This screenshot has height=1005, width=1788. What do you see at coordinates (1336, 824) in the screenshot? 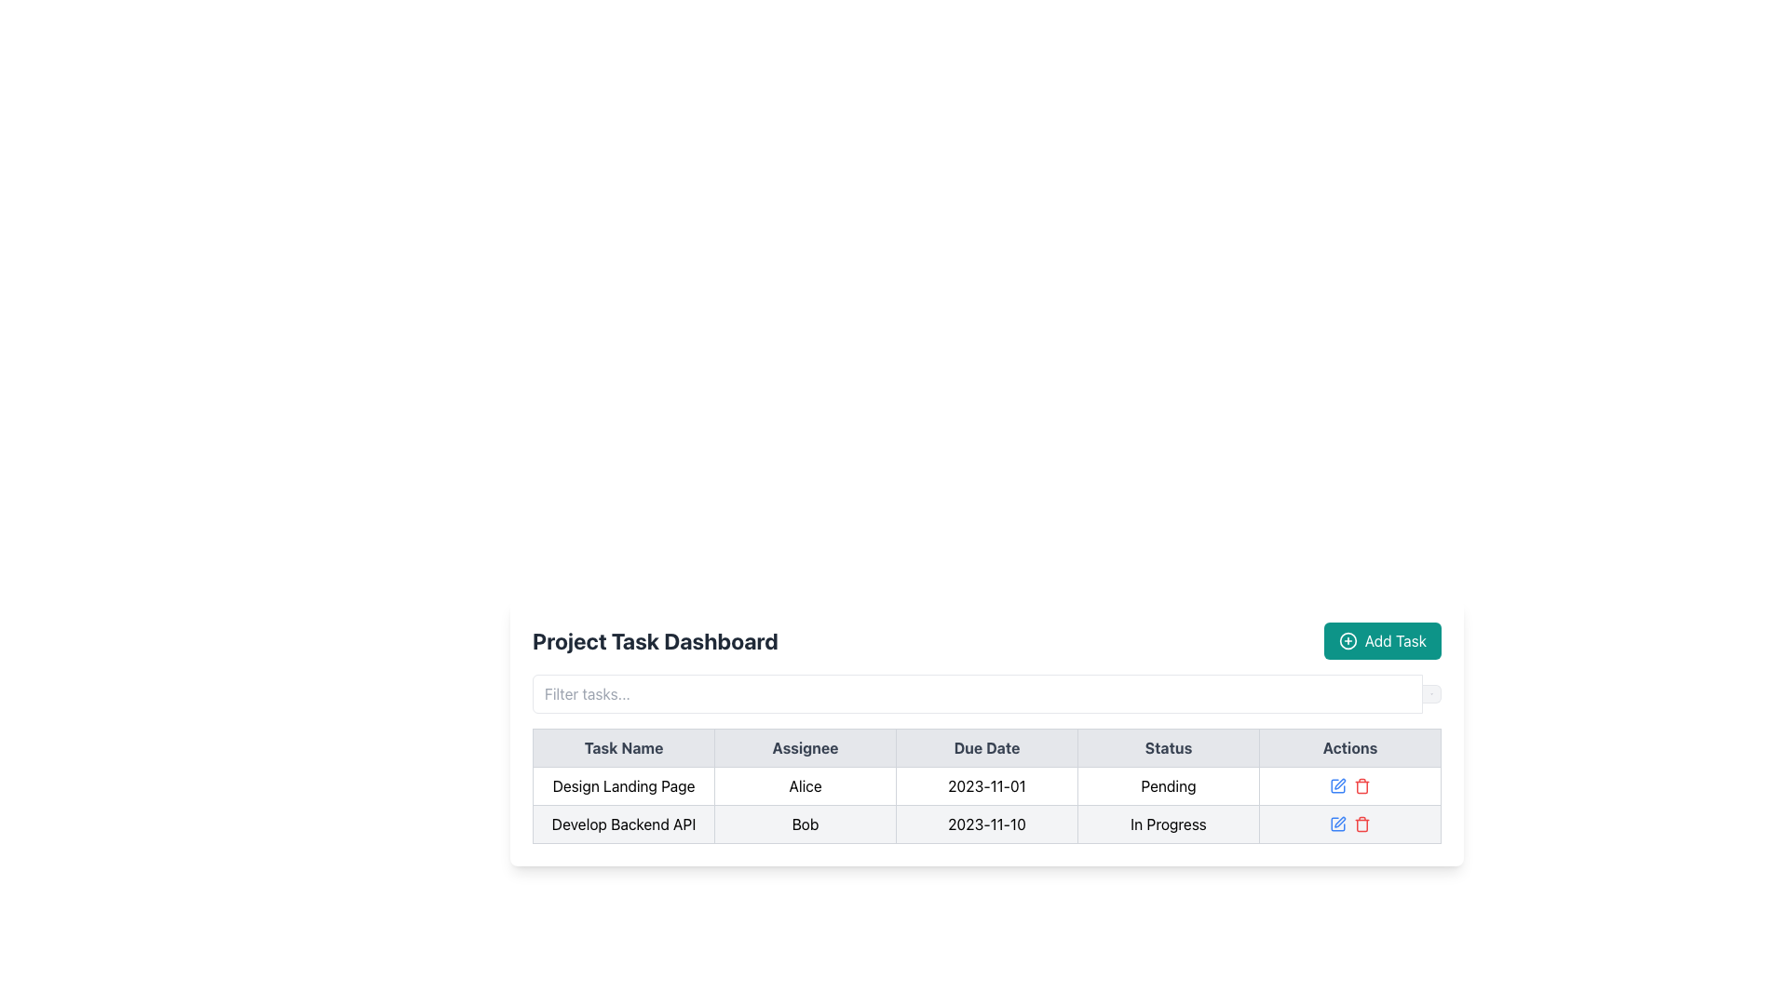
I see `the edit button located in the 'Actions' column of the second row in the table` at bounding box center [1336, 824].